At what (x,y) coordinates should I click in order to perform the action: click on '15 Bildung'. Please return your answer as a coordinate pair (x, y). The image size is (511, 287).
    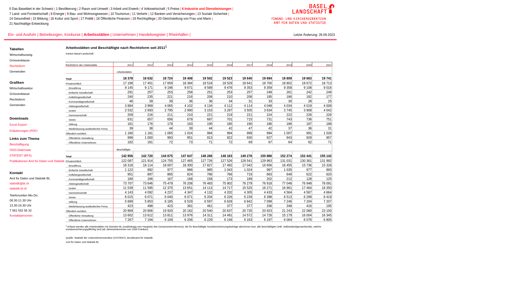
    Looking at the image, I should click on (40, 18).